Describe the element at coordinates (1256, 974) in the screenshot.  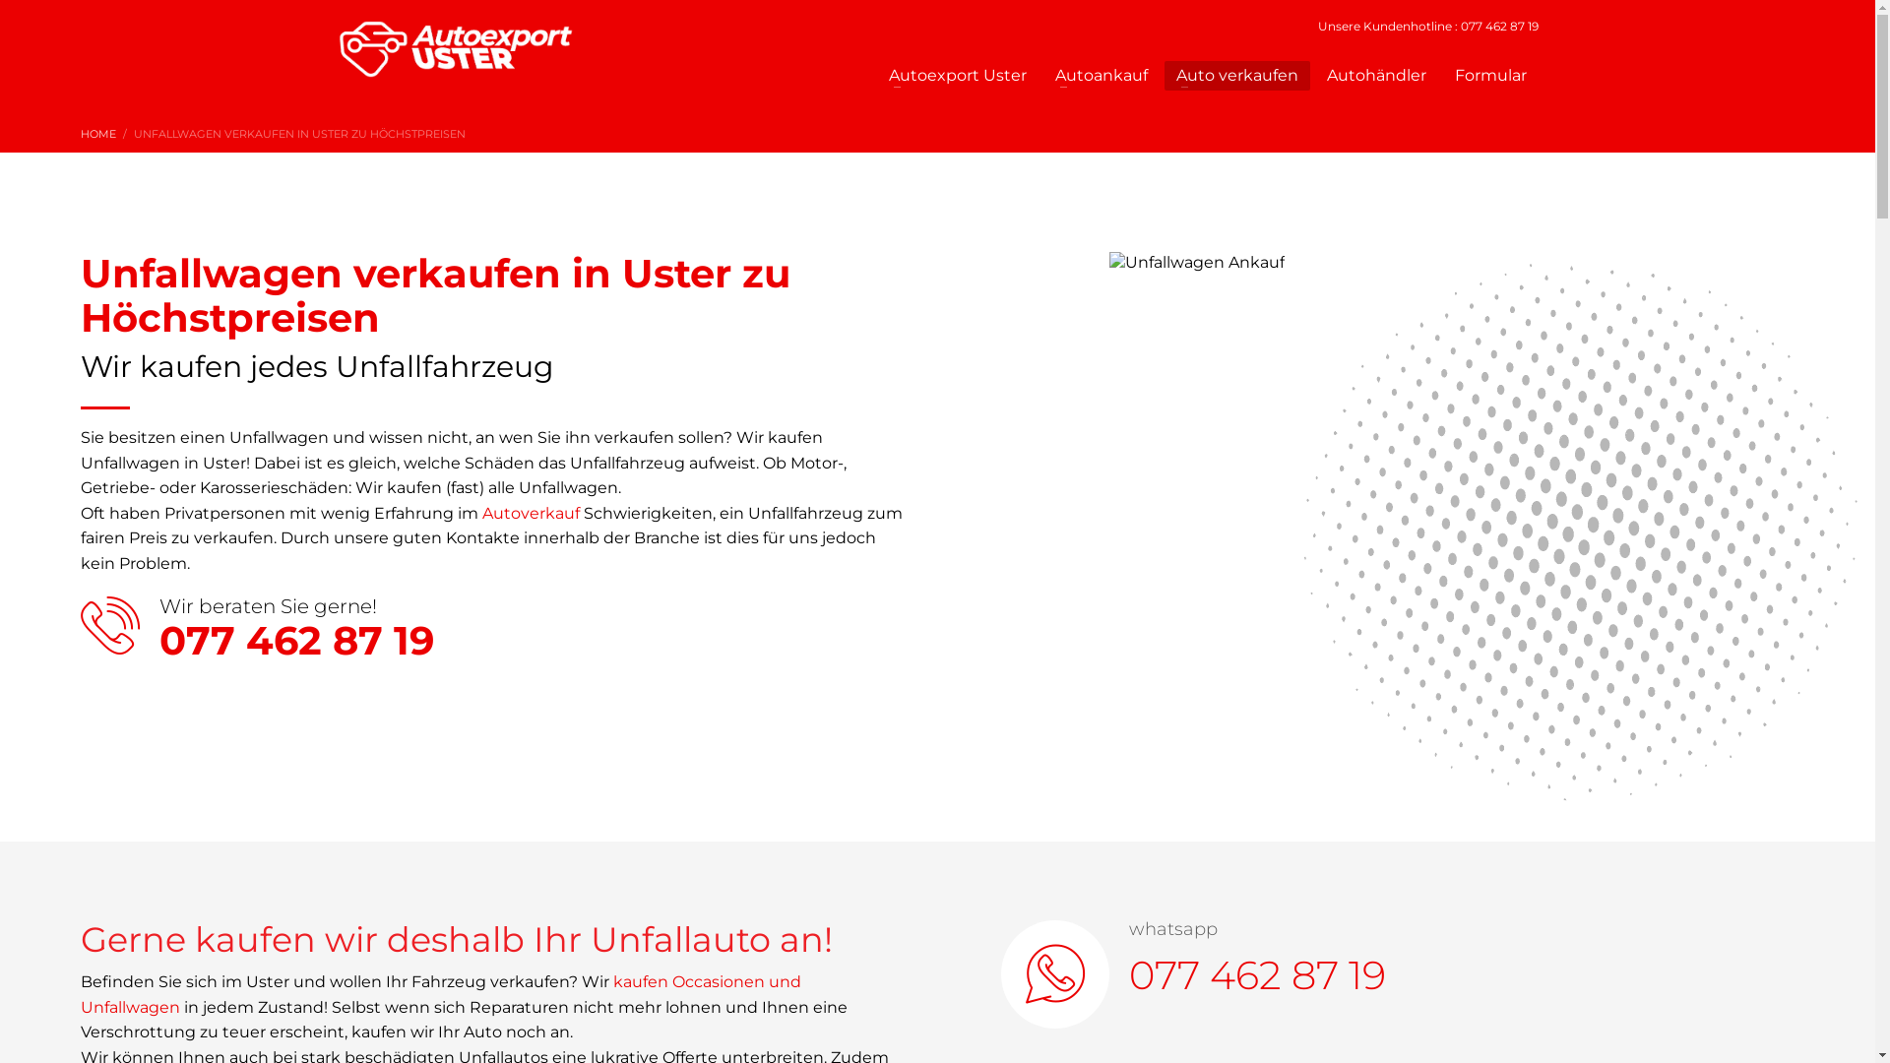
I see `'077 462 87 19'` at that location.